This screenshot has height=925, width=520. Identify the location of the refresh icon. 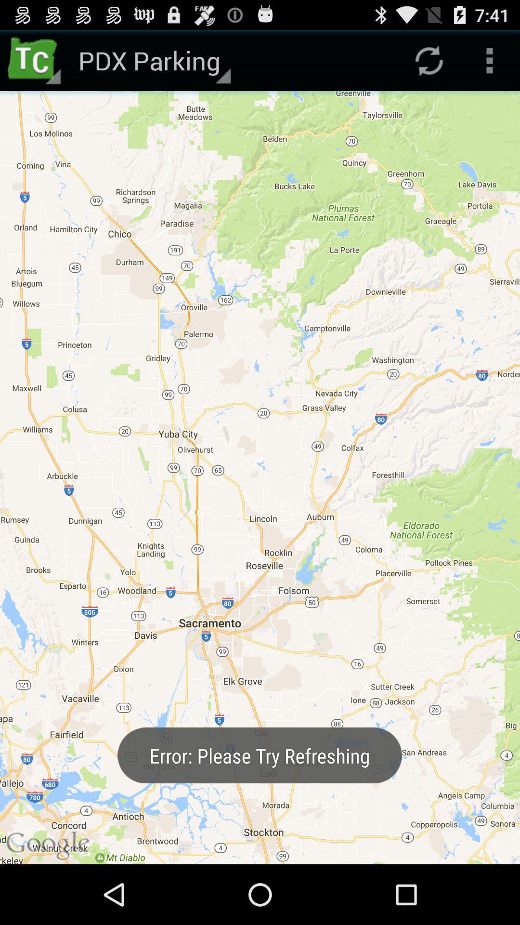
(429, 64).